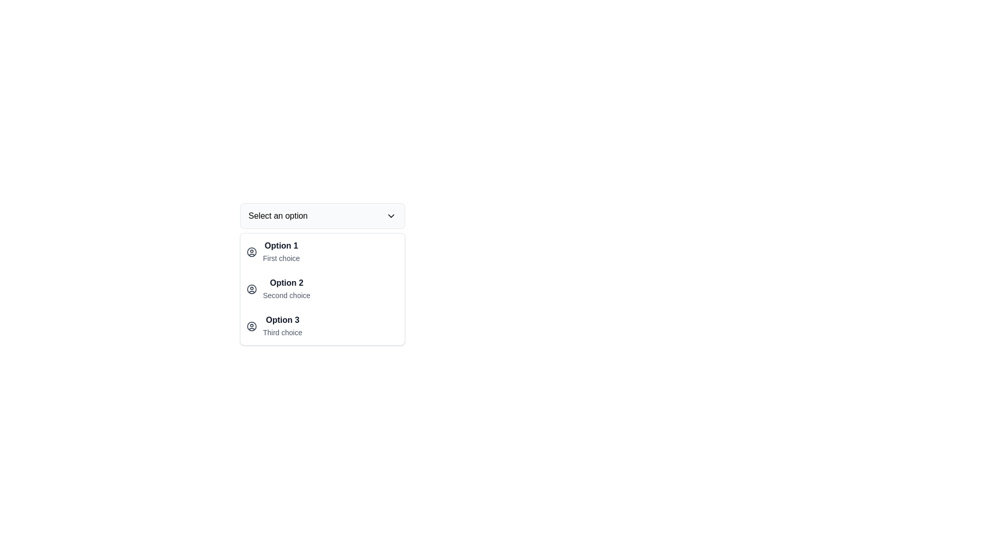  Describe the element at coordinates (286, 289) in the screenshot. I see `the 'Option 2' label, which is the second item in a vertical list of options` at that location.